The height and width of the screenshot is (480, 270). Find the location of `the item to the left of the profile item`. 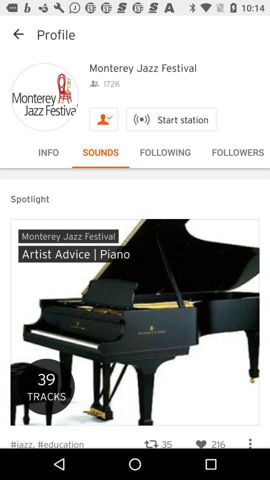

the item to the left of the profile item is located at coordinates (18, 34).